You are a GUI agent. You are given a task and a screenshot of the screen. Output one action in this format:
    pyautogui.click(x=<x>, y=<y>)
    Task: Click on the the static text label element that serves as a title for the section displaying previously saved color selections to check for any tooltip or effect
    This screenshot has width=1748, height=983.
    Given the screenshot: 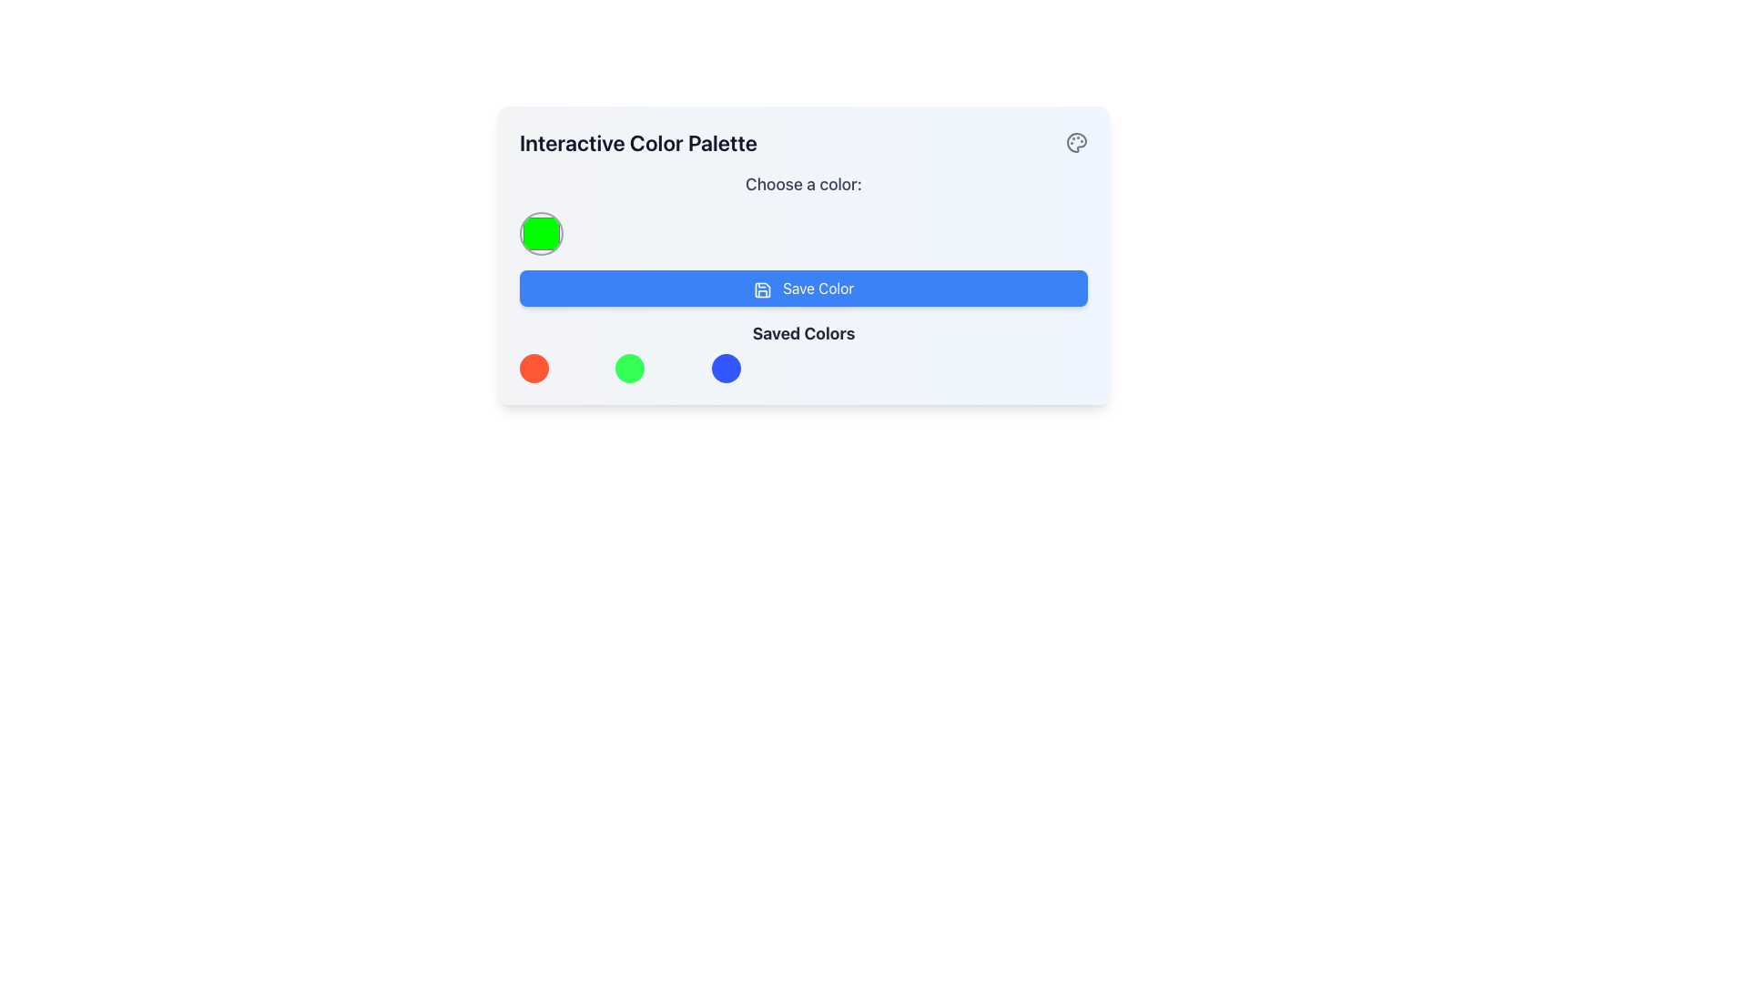 What is the action you would take?
    pyautogui.click(x=803, y=333)
    